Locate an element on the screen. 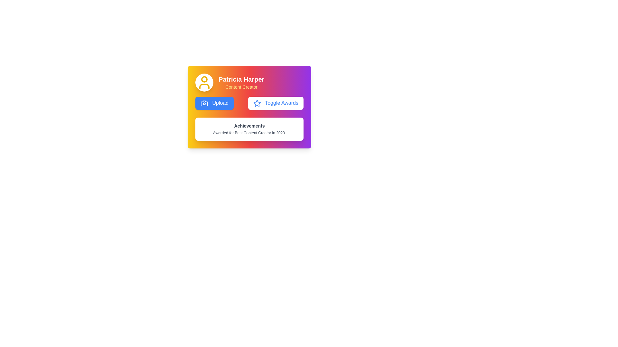 The image size is (618, 347). the blue 'Upload' button with rounded corners that features a camera icon and white text, located below the profile information and above the achievements section is located at coordinates (214, 103).